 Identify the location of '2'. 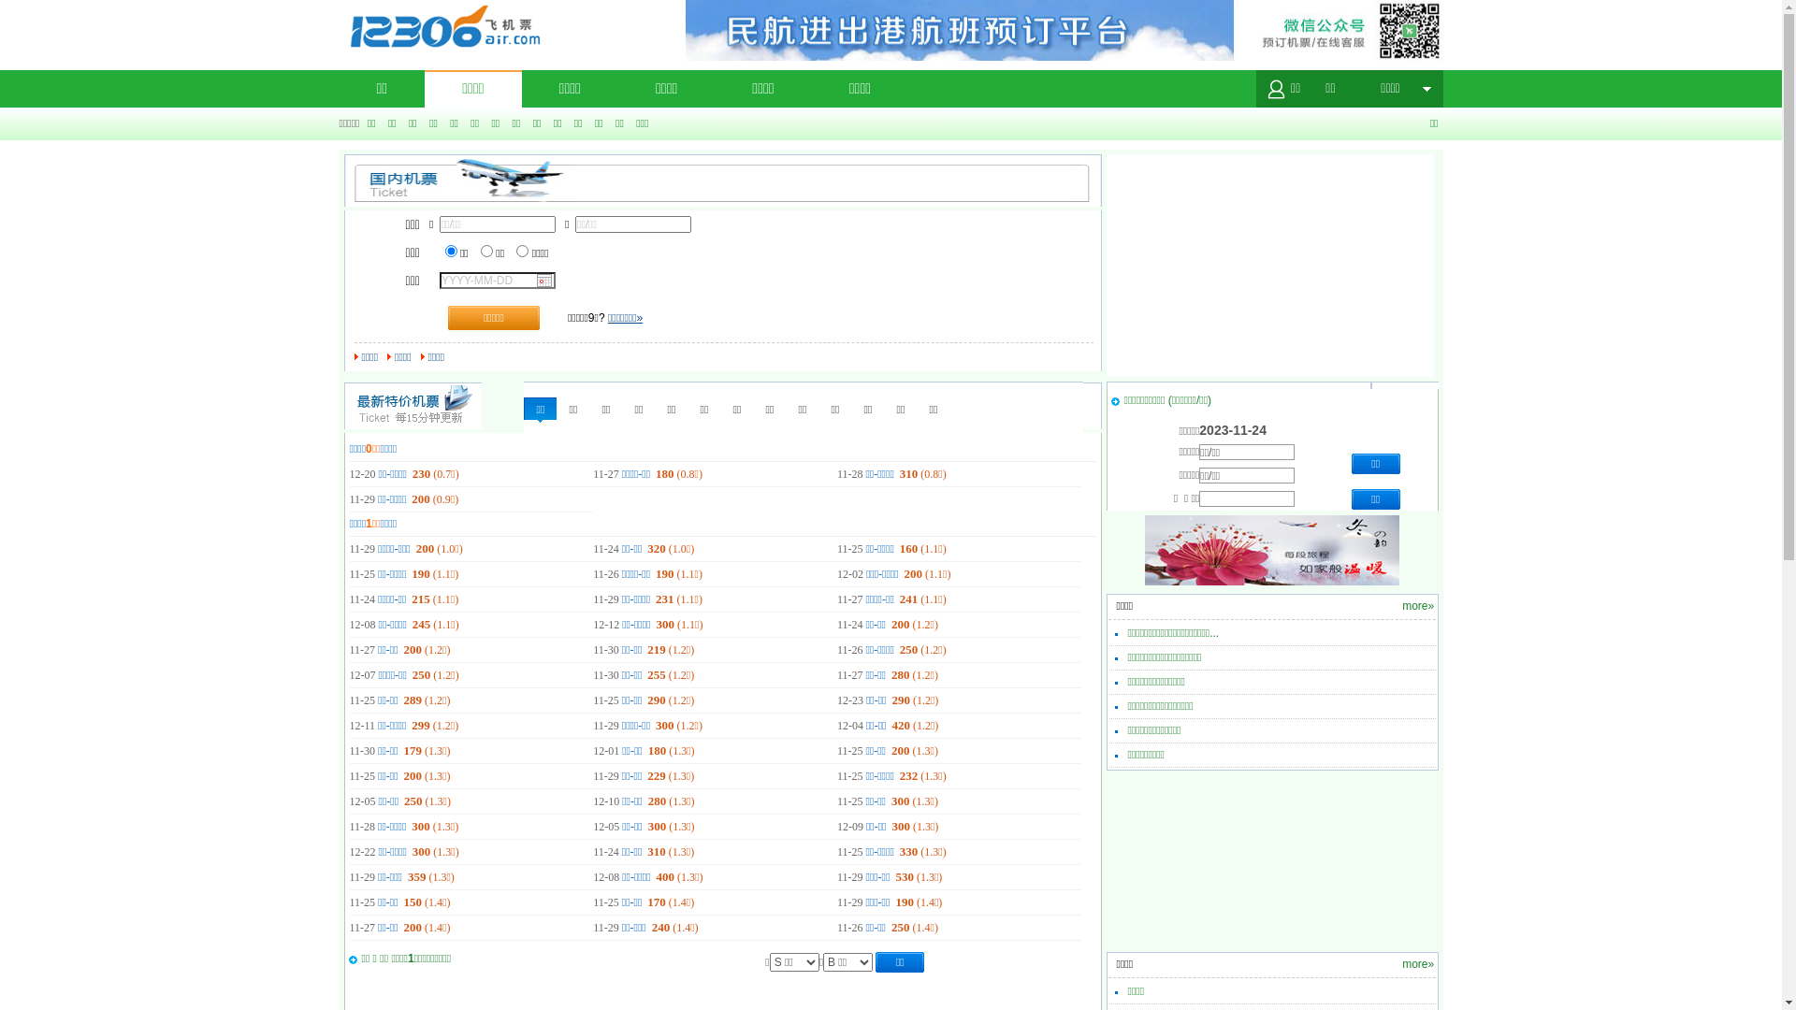
(480, 250).